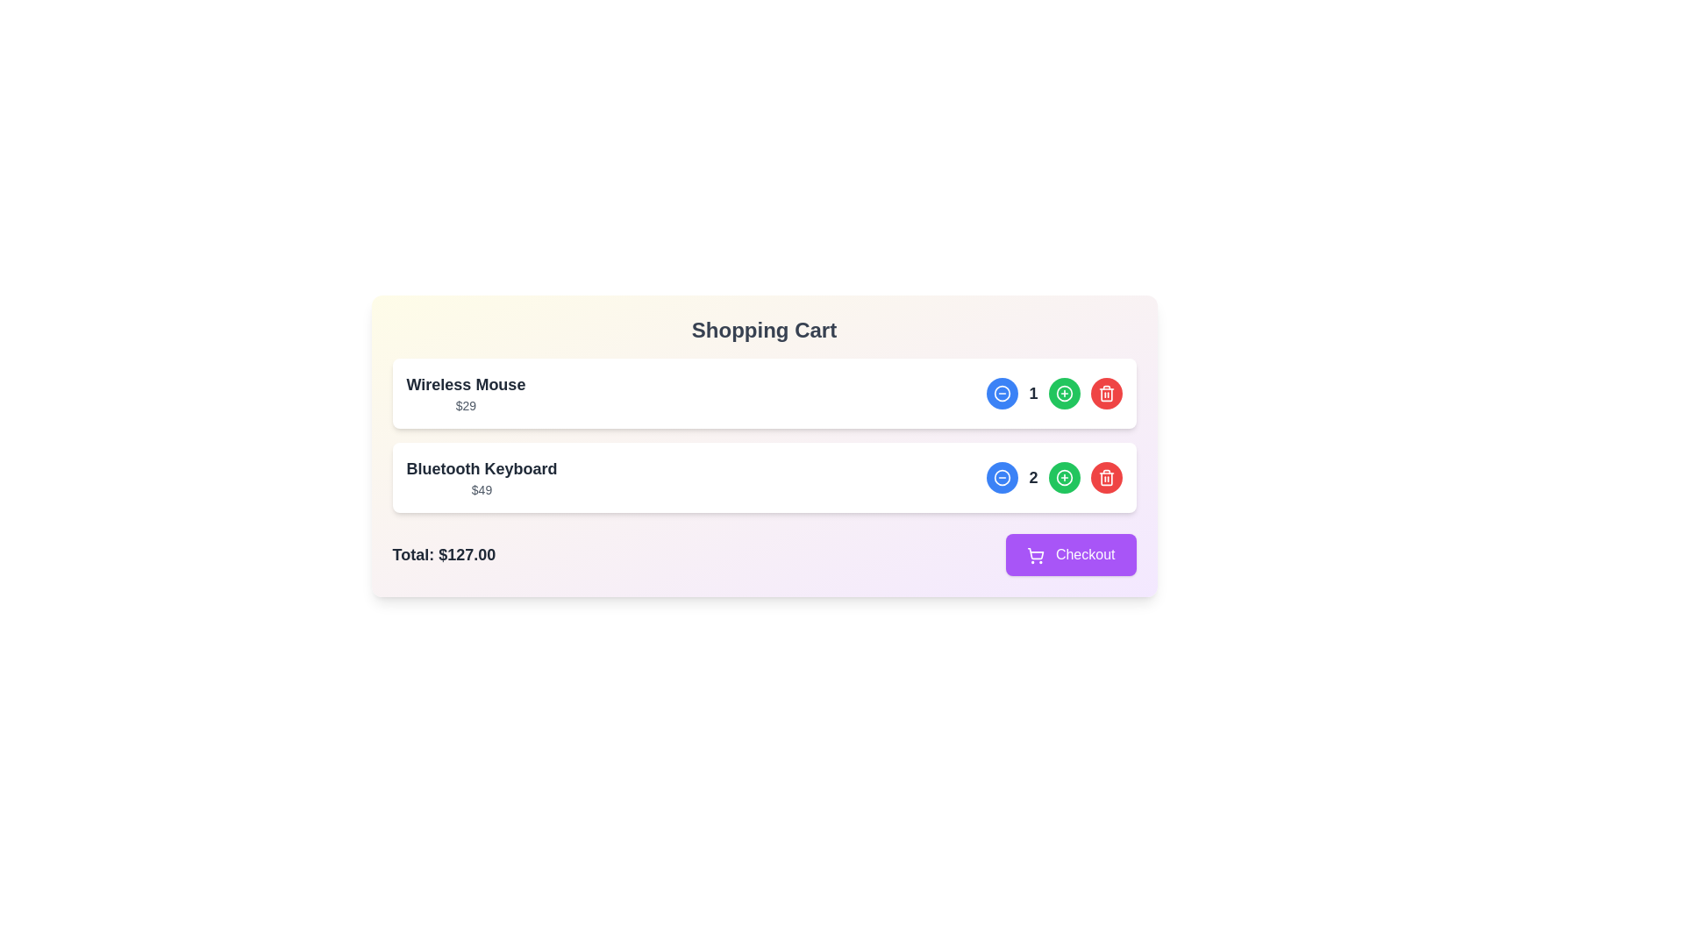 The height and width of the screenshot is (947, 1684). I want to click on the SVG Circle element of the plus icon located to the right of the Bluetooth Keyboard entry in the shopping cart, so click(1063, 392).